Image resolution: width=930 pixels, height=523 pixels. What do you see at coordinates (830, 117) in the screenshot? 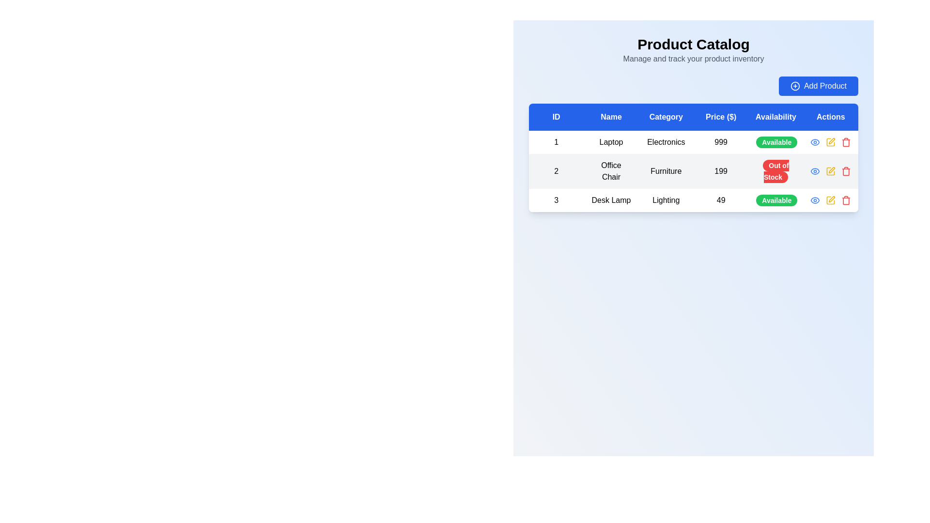
I see `the last column header in the table, located in the top-right section of the interface` at bounding box center [830, 117].